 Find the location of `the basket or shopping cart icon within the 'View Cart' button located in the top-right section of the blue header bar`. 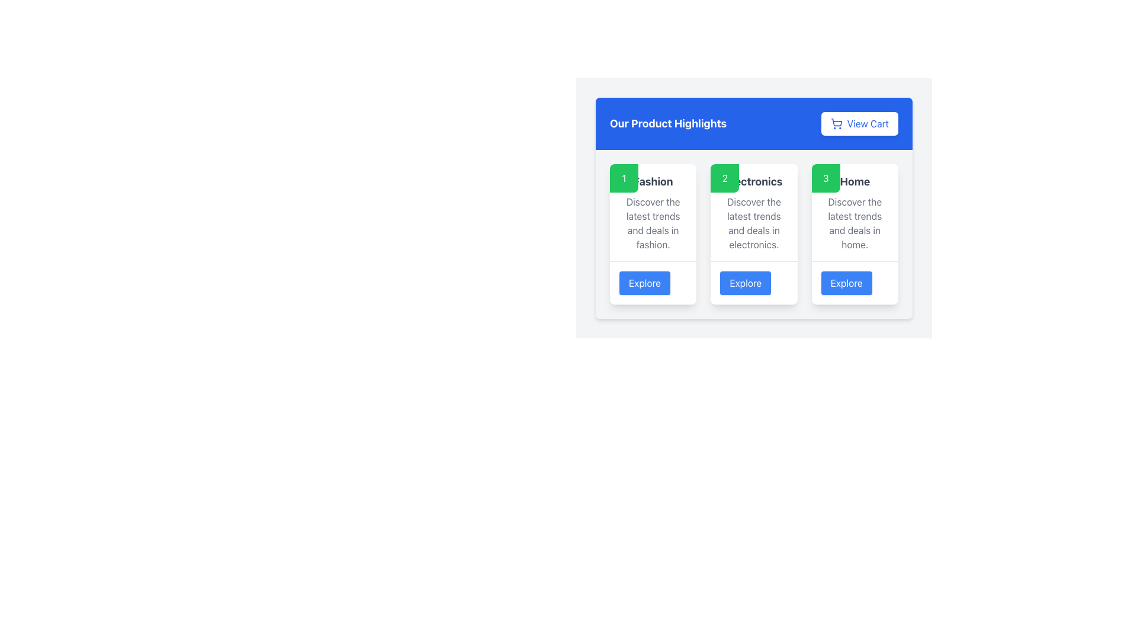

the basket or shopping cart icon within the 'View Cart' button located in the top-right section of the blue header bar is located at coordinates (836, 122).